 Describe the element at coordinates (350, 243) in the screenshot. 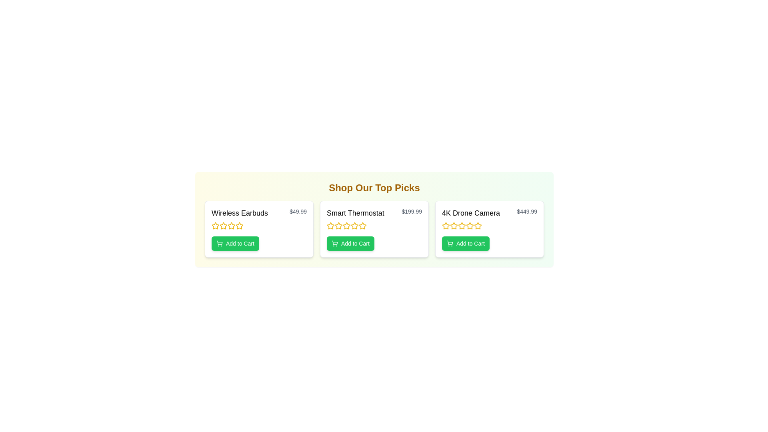

I see `the 'Add to Cart' button for the product Smart Thermostat` at that location.